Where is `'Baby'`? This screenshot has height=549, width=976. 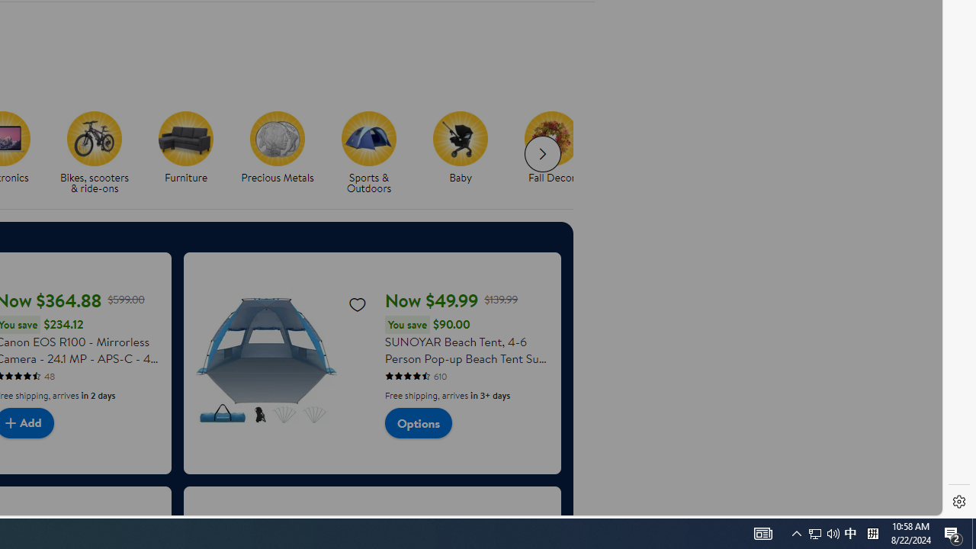
'Baby' is located at coordinates (460, 138).